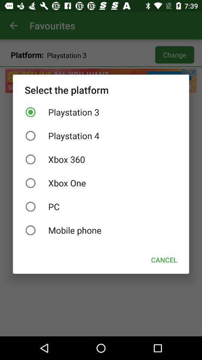 The image size is (202, 360). What do you see at coordinates (163, 260) in the screenshot?
I see `cancel icon` at bounding box center [163, 260].